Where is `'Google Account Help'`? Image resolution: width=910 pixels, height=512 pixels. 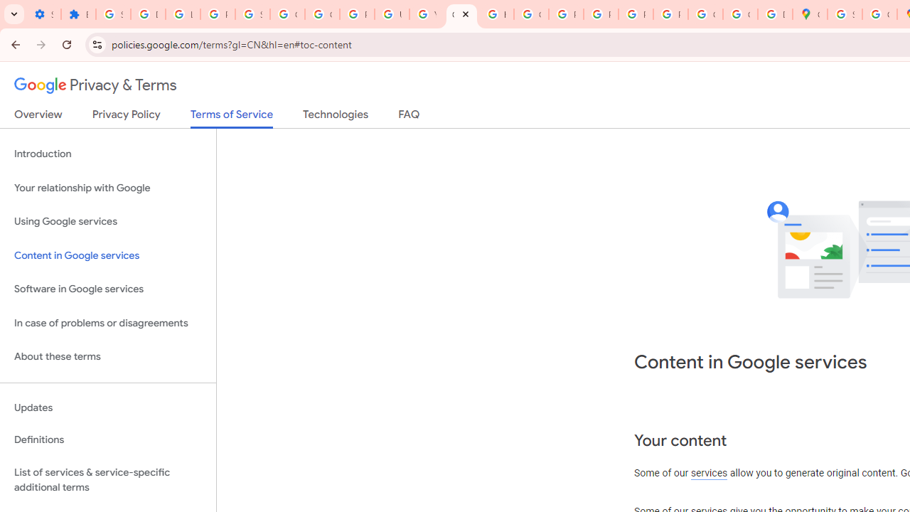 'Google Account Help' is located at coordinates (321, 14).